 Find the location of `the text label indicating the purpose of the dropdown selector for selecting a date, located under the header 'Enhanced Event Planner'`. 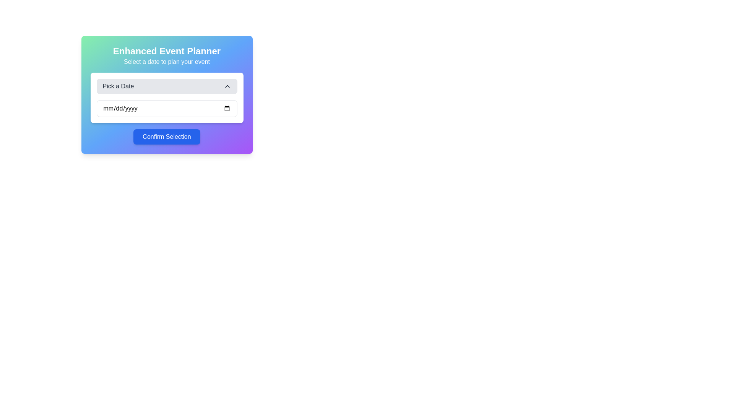

the text label indicating the purpose of the dropdown selector for selecting a date, located under the header 'Enhanced Event Planner' is located at coordinates (118, 86).